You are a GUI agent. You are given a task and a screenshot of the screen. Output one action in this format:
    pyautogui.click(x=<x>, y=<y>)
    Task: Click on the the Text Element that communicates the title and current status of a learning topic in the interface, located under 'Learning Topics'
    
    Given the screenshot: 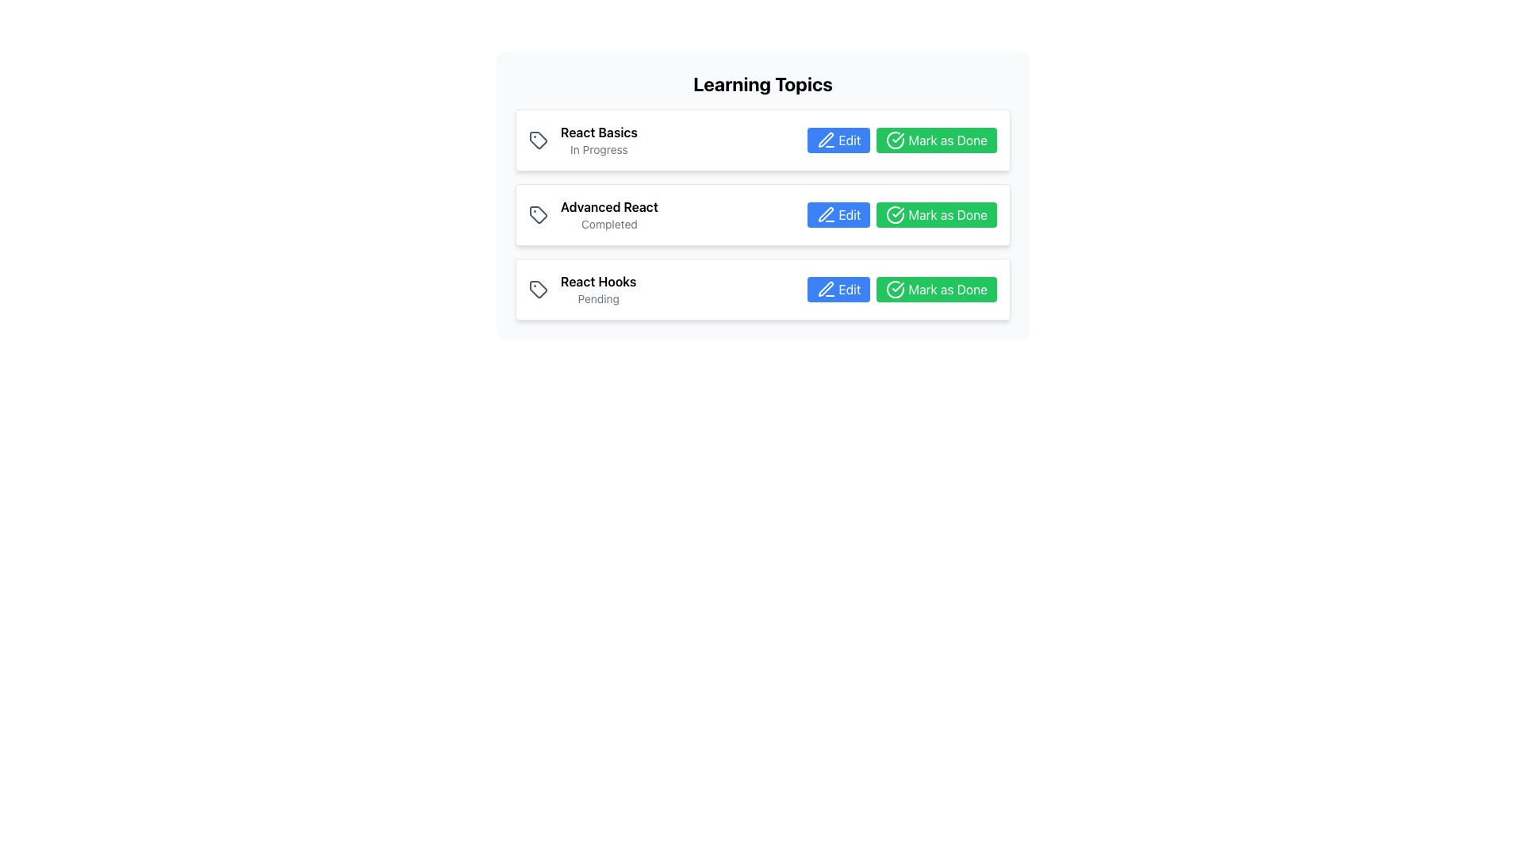 What is the action you would take?
    pyautogui.click(x=598, y=140)
    